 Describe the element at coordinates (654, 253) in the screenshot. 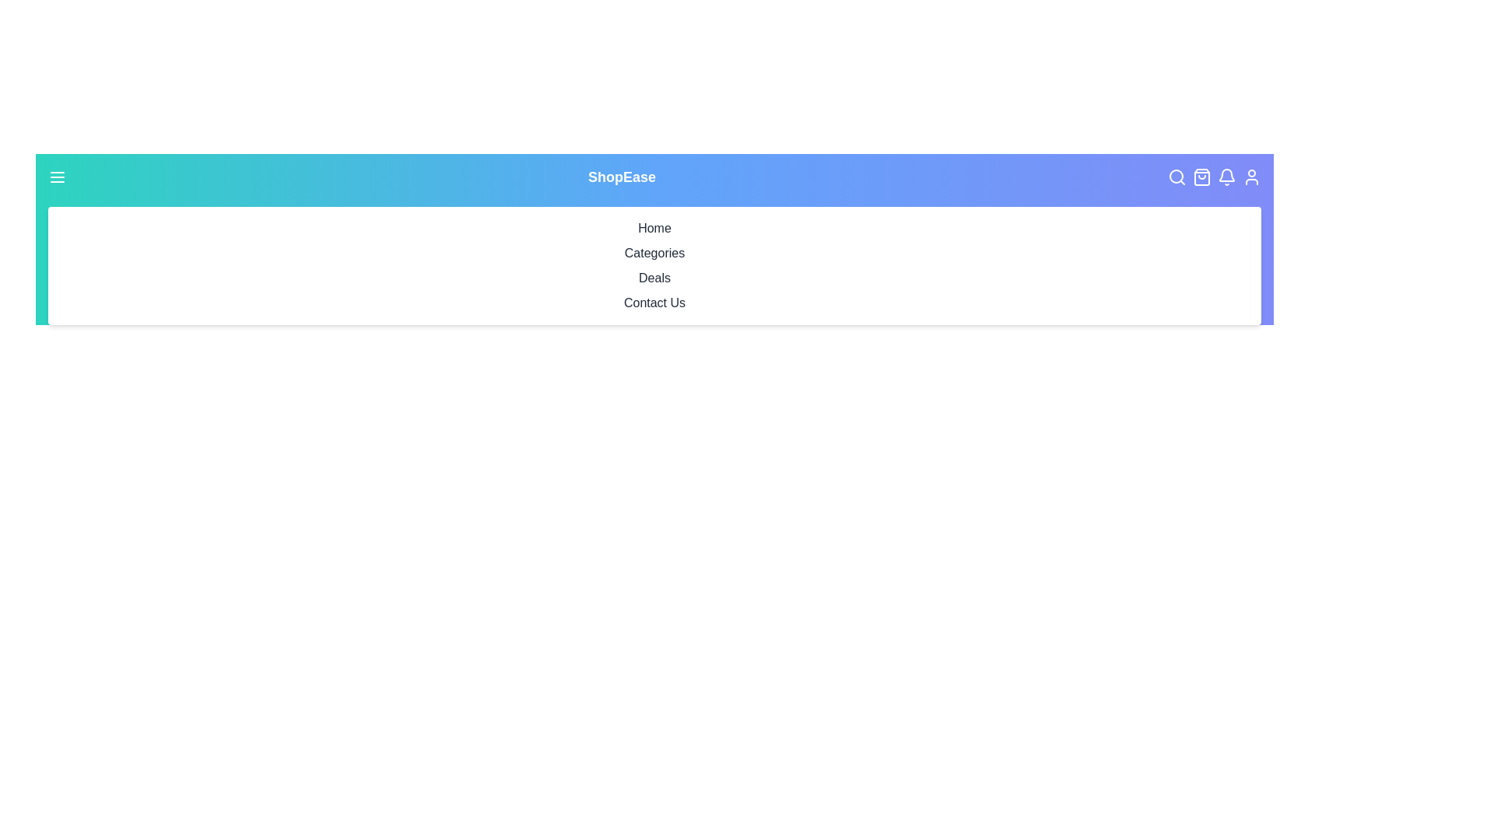

I see `the 'Categories' menu item in the navigation bar` at that location.